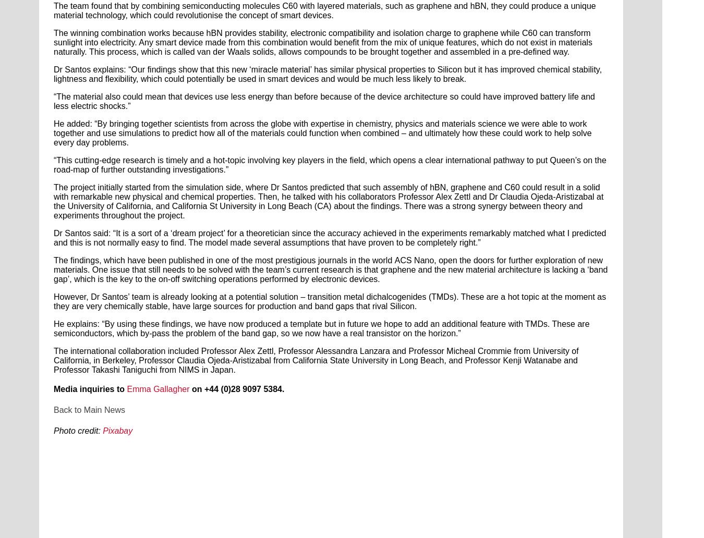  I want to click on 'Emma Gallagher', so click(157, 388).